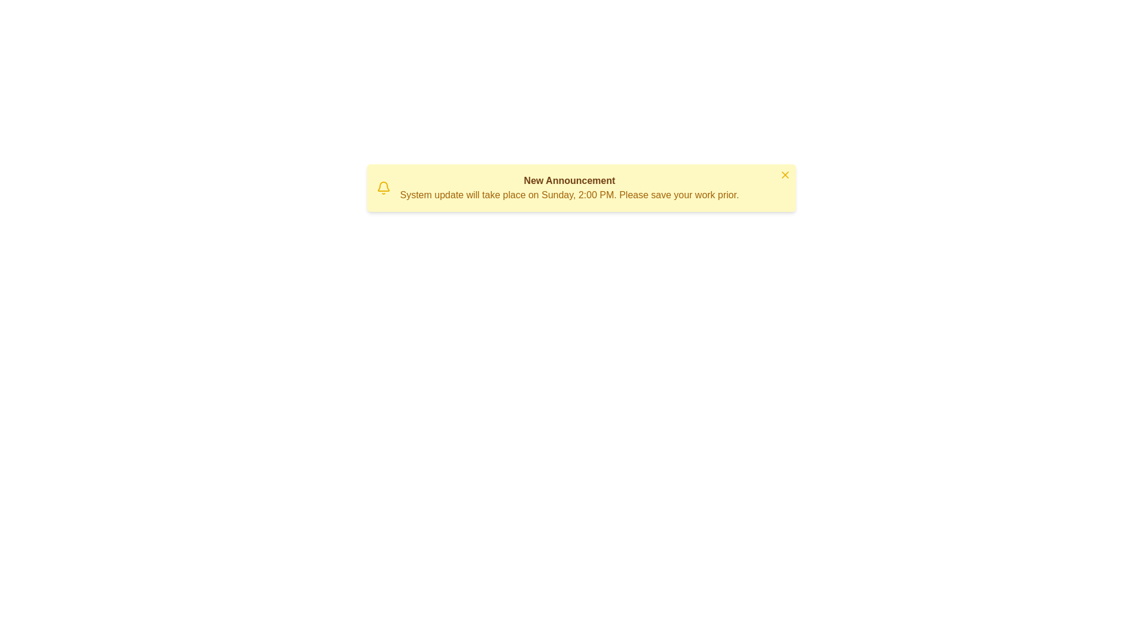  What do you see at coordinates (785, 174) in the screenshot?
I see `the close button to hide the notice` at bounding box center [785, 174].